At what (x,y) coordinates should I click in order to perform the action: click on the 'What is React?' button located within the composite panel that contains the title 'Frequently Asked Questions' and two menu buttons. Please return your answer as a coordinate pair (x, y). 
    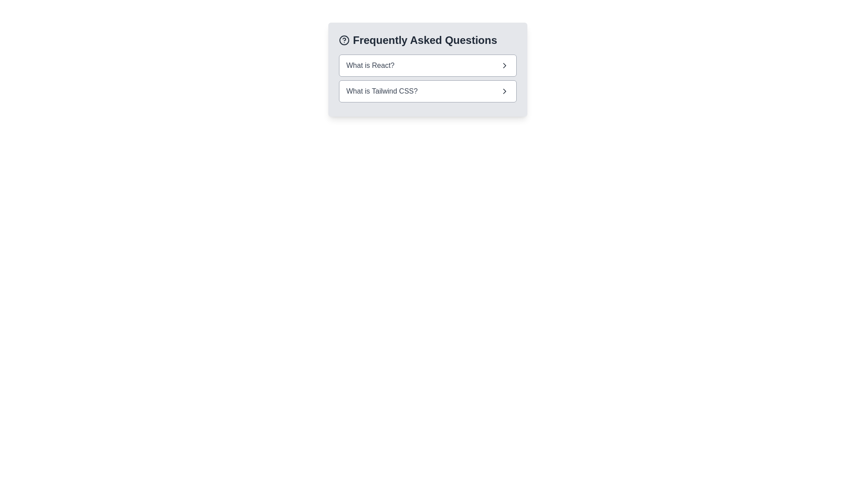
    Looking at the image, I should click on (427, 69).